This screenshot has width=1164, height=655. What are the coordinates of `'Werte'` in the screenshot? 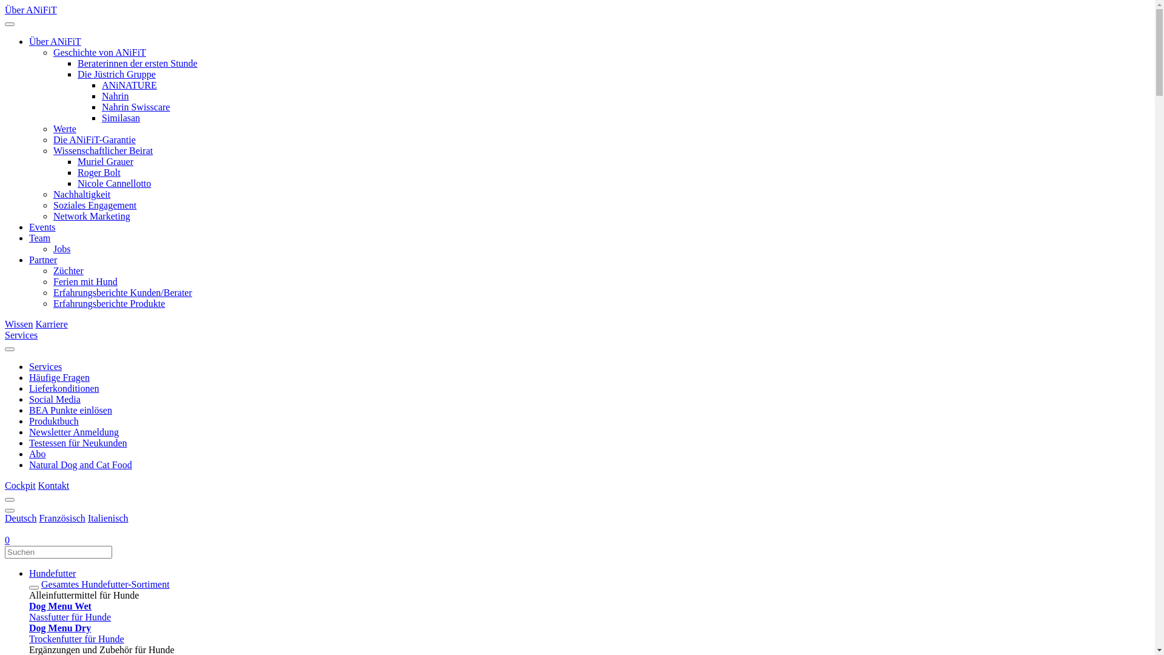 It's located at (52, 129).